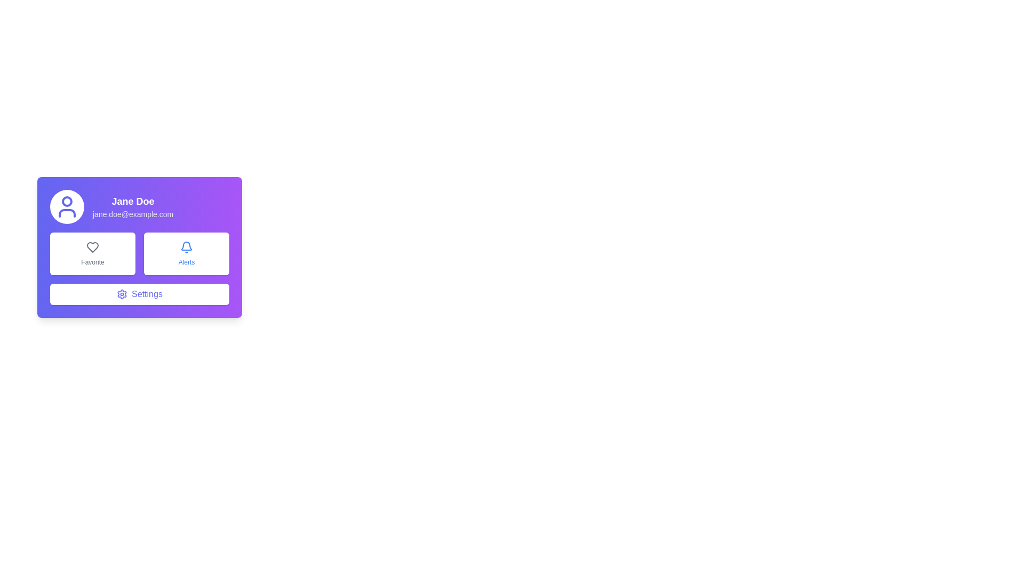 This screenshot has width=1024, height=576. I want to click on the favorites button located in the top-left corner of the grid layout to trigger its hover state, so click(92, 253).